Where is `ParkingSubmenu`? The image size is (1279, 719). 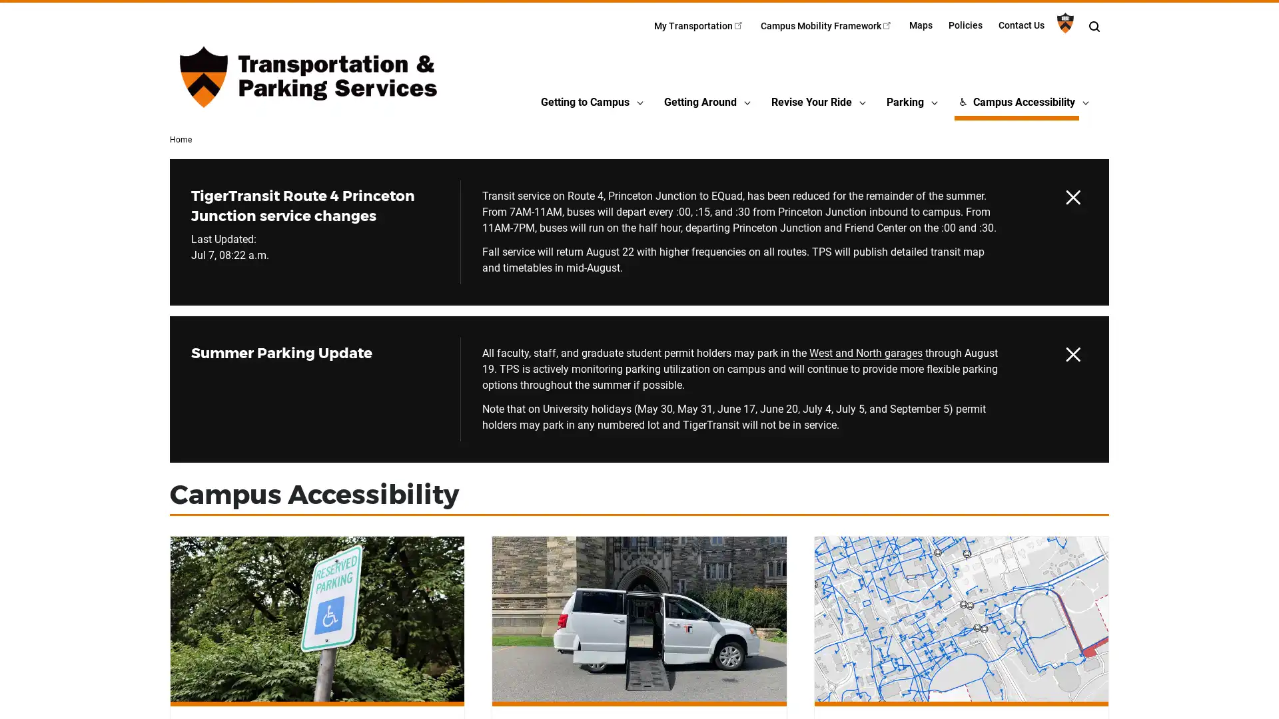 ParkingSubmenu is located at coordinates (933, 102).